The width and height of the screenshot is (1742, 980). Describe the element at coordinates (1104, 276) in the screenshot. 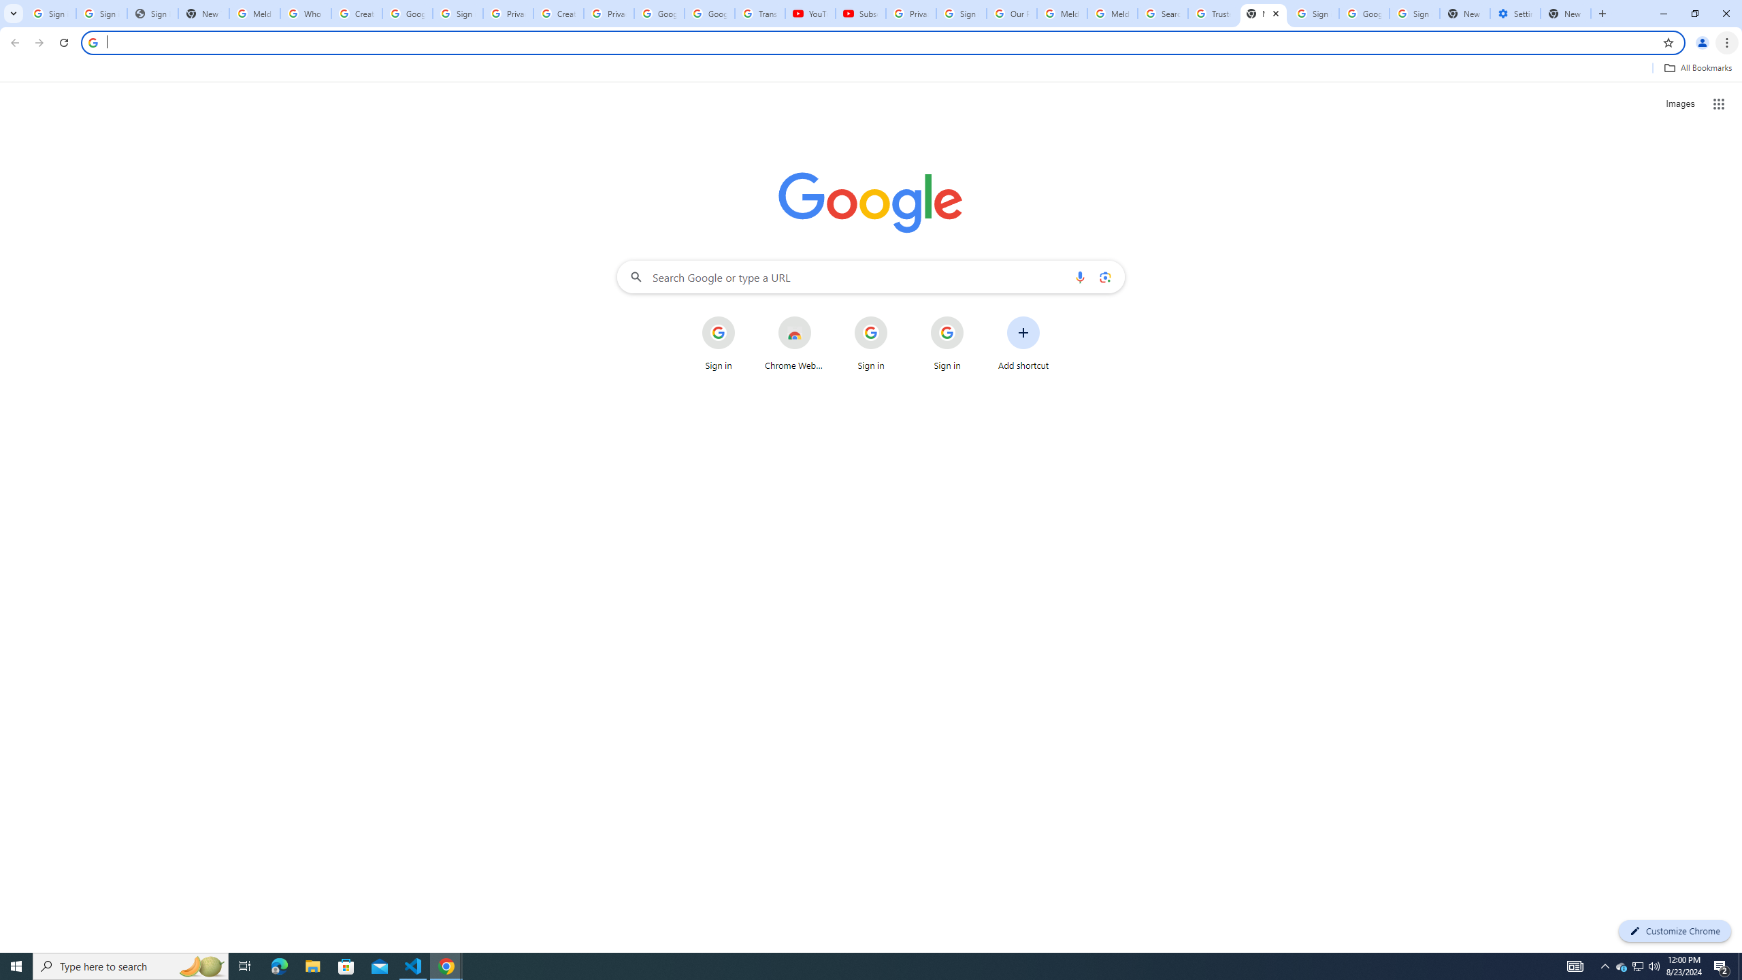

I see `'Search by image'` at that location.